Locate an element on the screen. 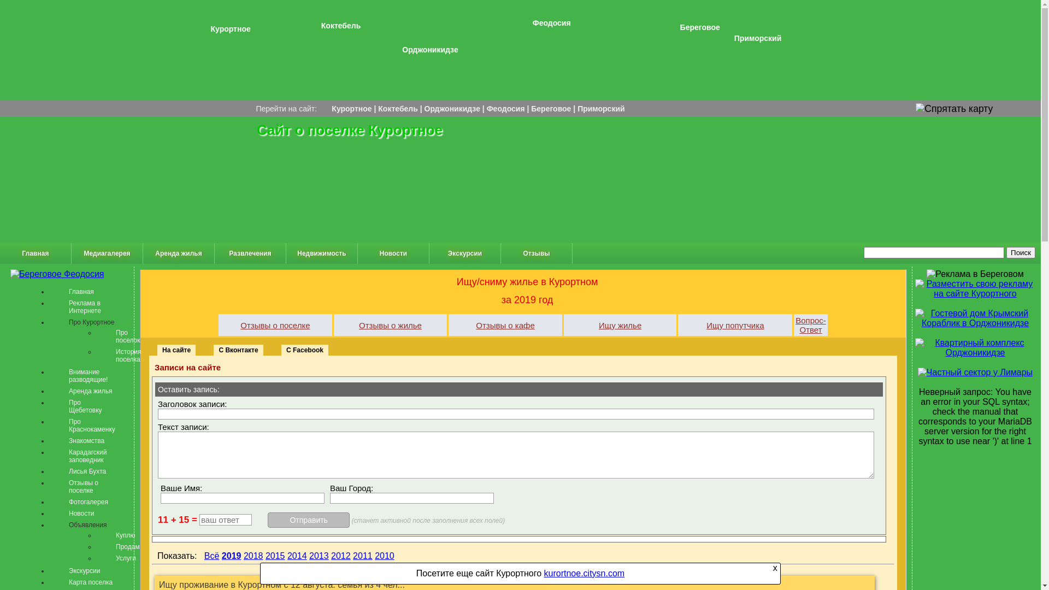 This screenshot has width=1049, height=590. 'kurortnoe.citysn.com' is located at coordinates (584, 573).